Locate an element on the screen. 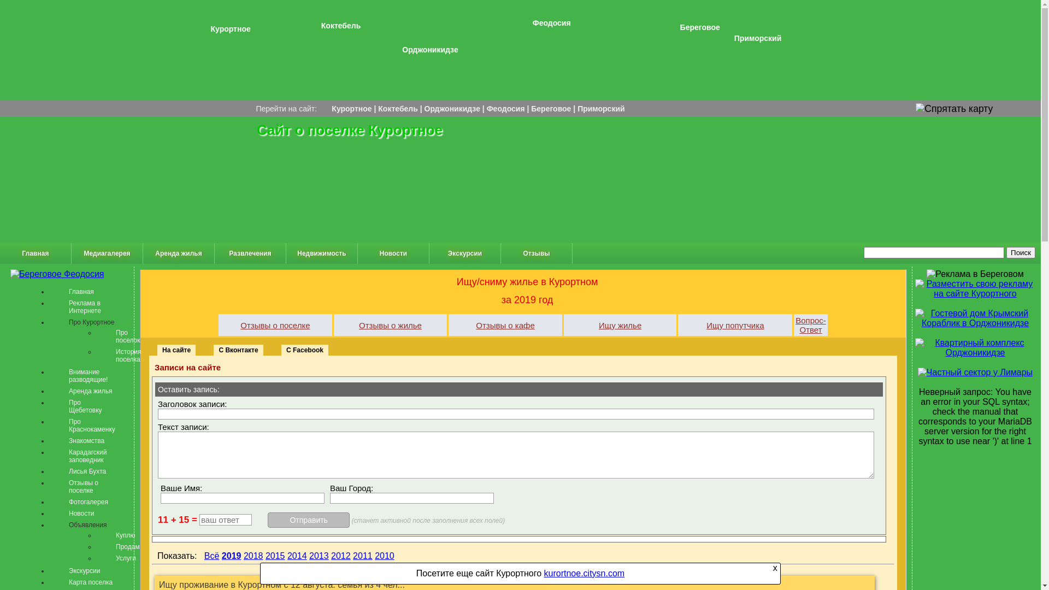 This screenshot has width=1049, height=590. 'kurortnoe.citysn.com' is located at coordinates (584, 573).